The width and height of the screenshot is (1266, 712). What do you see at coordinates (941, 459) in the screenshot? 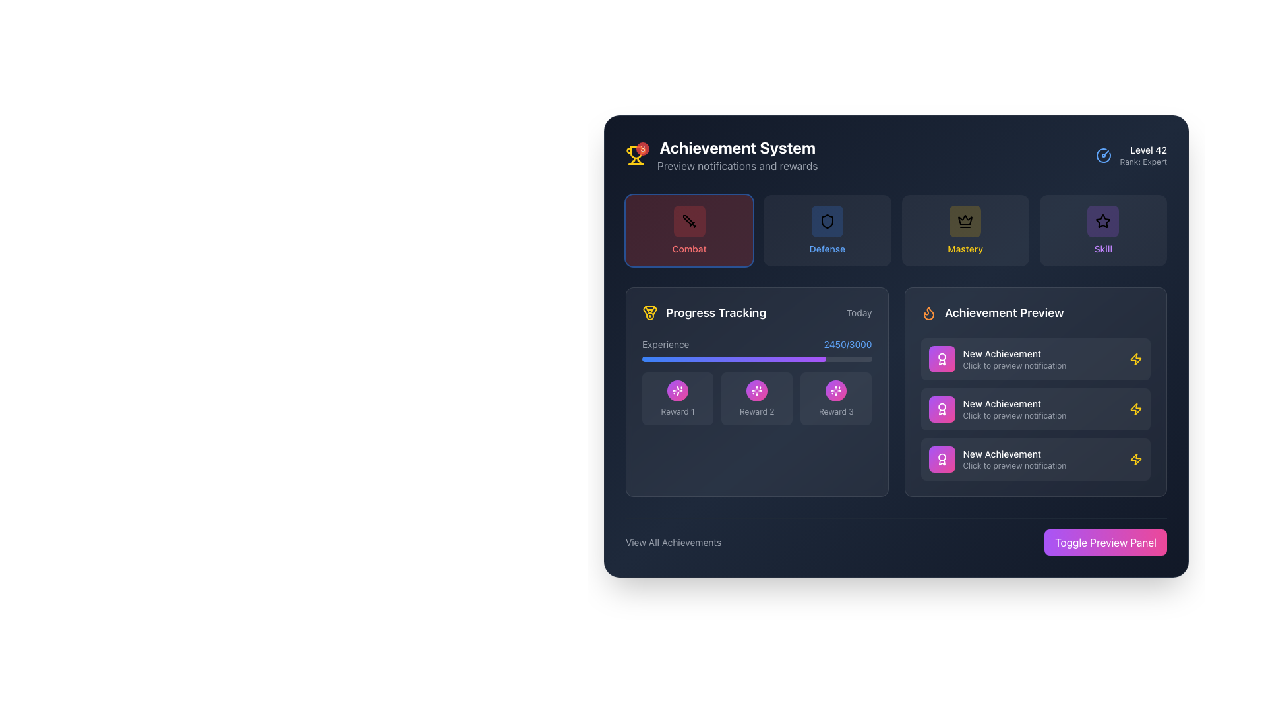
I see `the Decorative Icon located in the 'Achievement Preview' section, positioned to the left of the 'New Achievement' text in the third row of achievement entries` at bounding box center [941, 459].